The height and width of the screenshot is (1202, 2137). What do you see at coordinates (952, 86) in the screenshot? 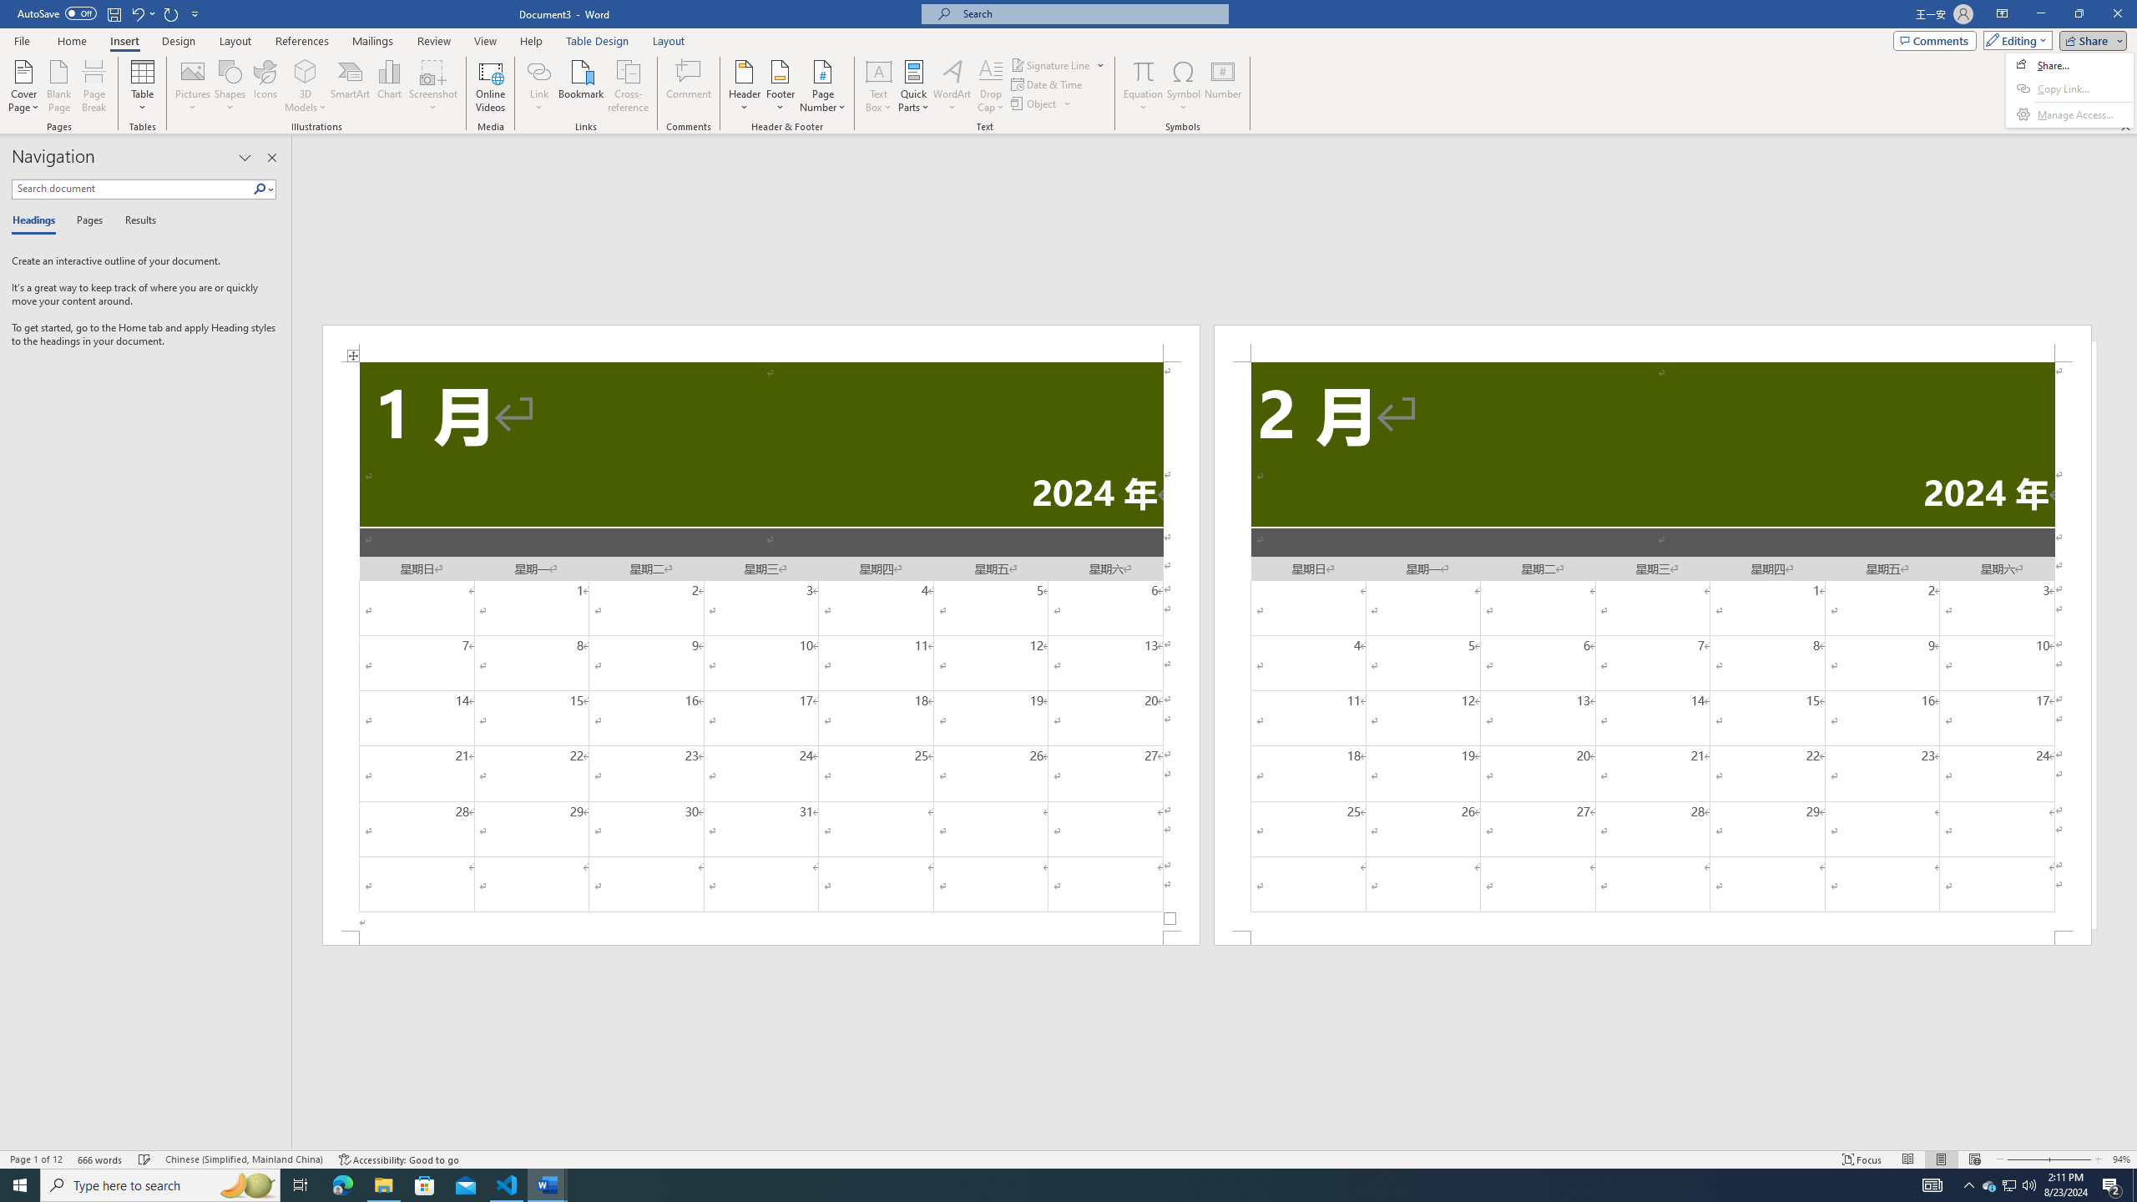
I see `'WordArt'` at bounding box center [952, 86].